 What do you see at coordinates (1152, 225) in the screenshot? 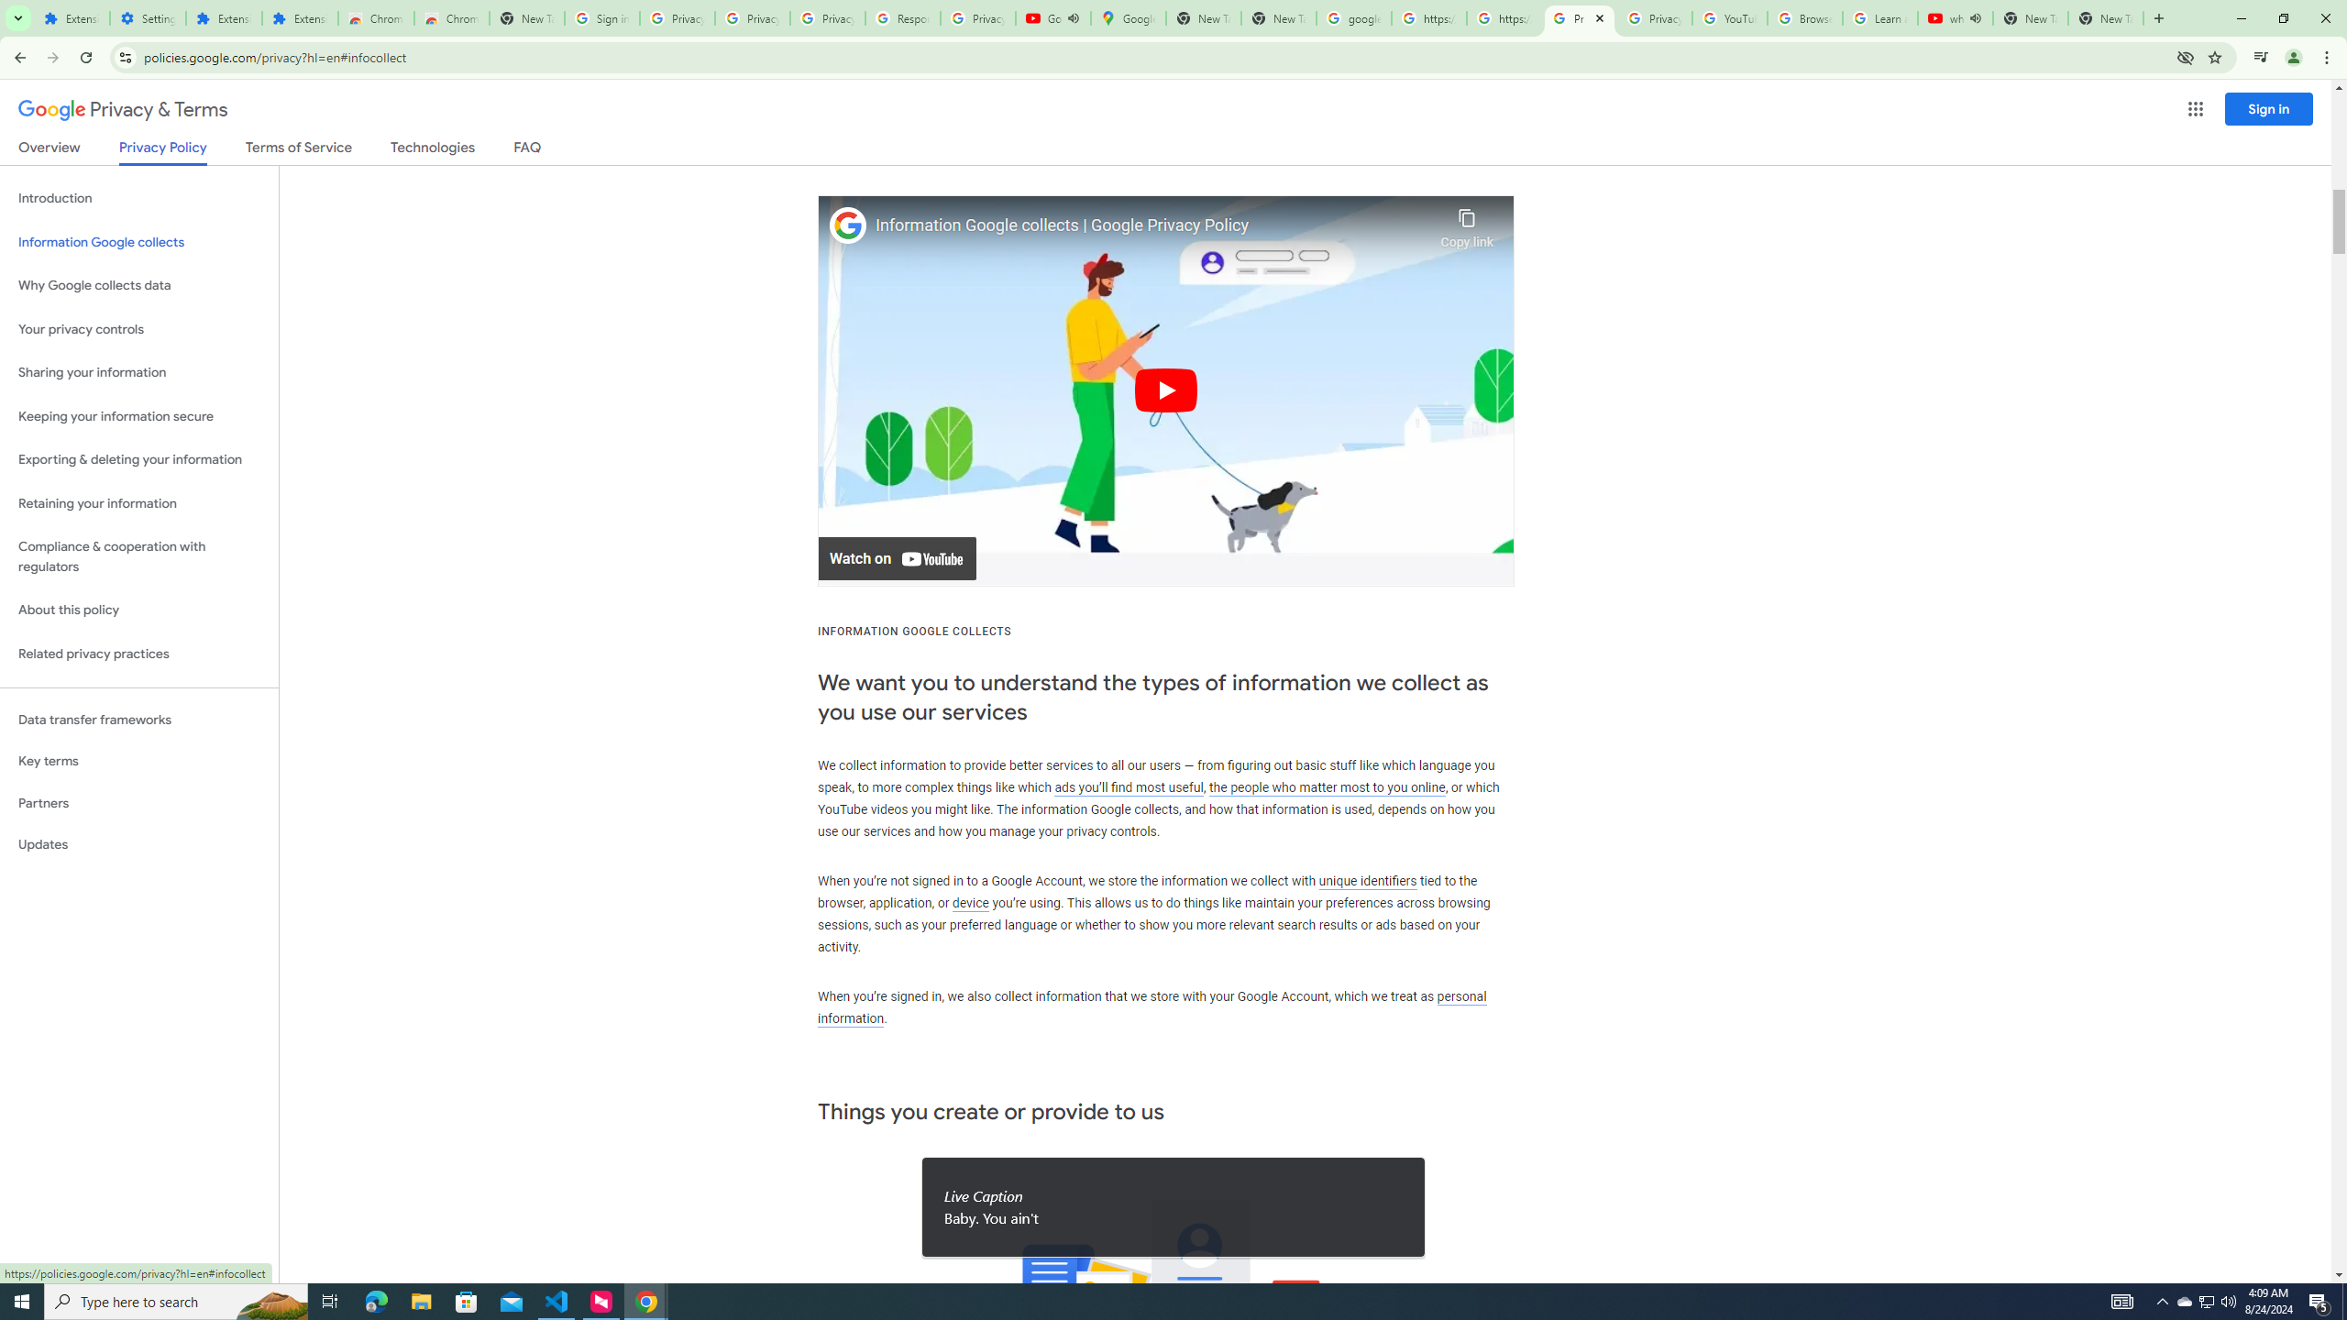
I see `'Information Google collects | Google Privacy Policy'` at bounding box center [1152, 225].